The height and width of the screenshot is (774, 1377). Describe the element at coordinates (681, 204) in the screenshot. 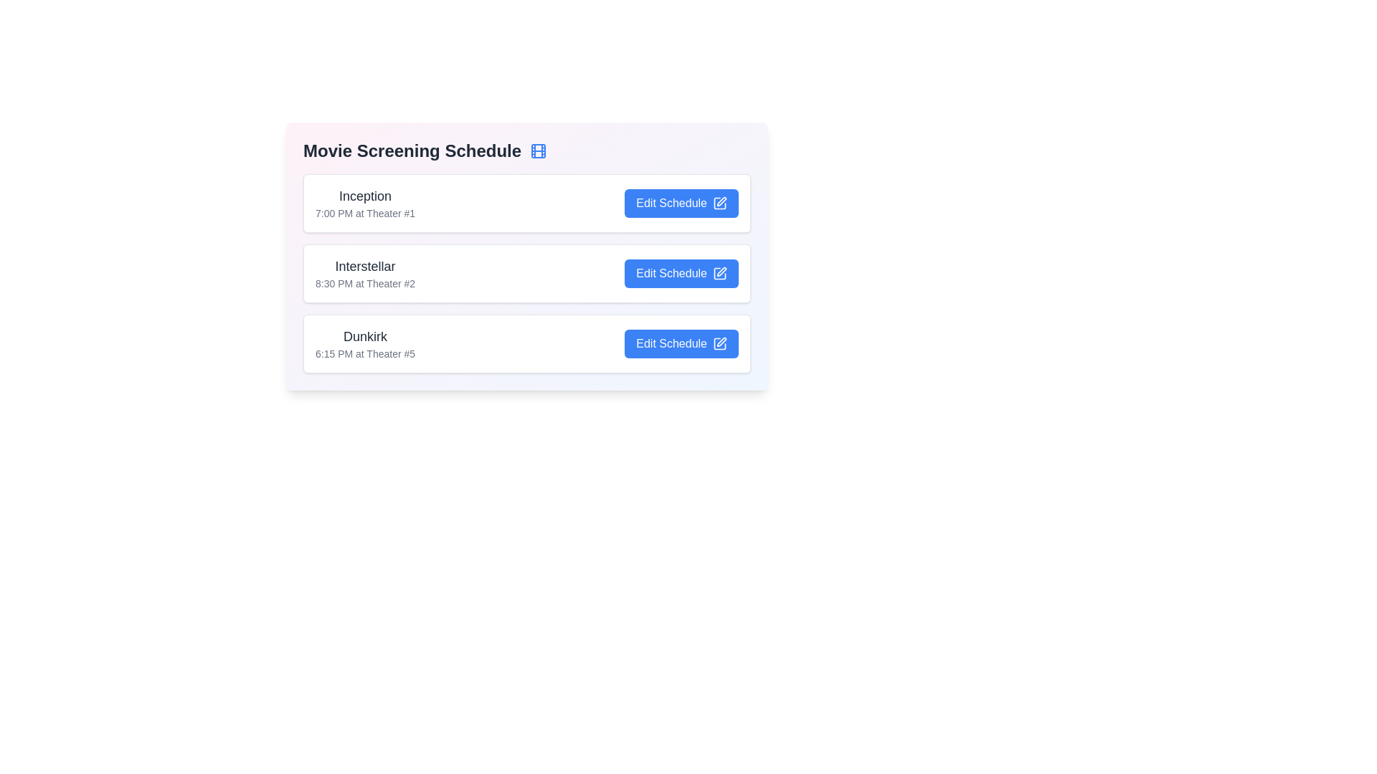

I see `the 'Edit Schedule' button for the movie titled Inception` at that location.